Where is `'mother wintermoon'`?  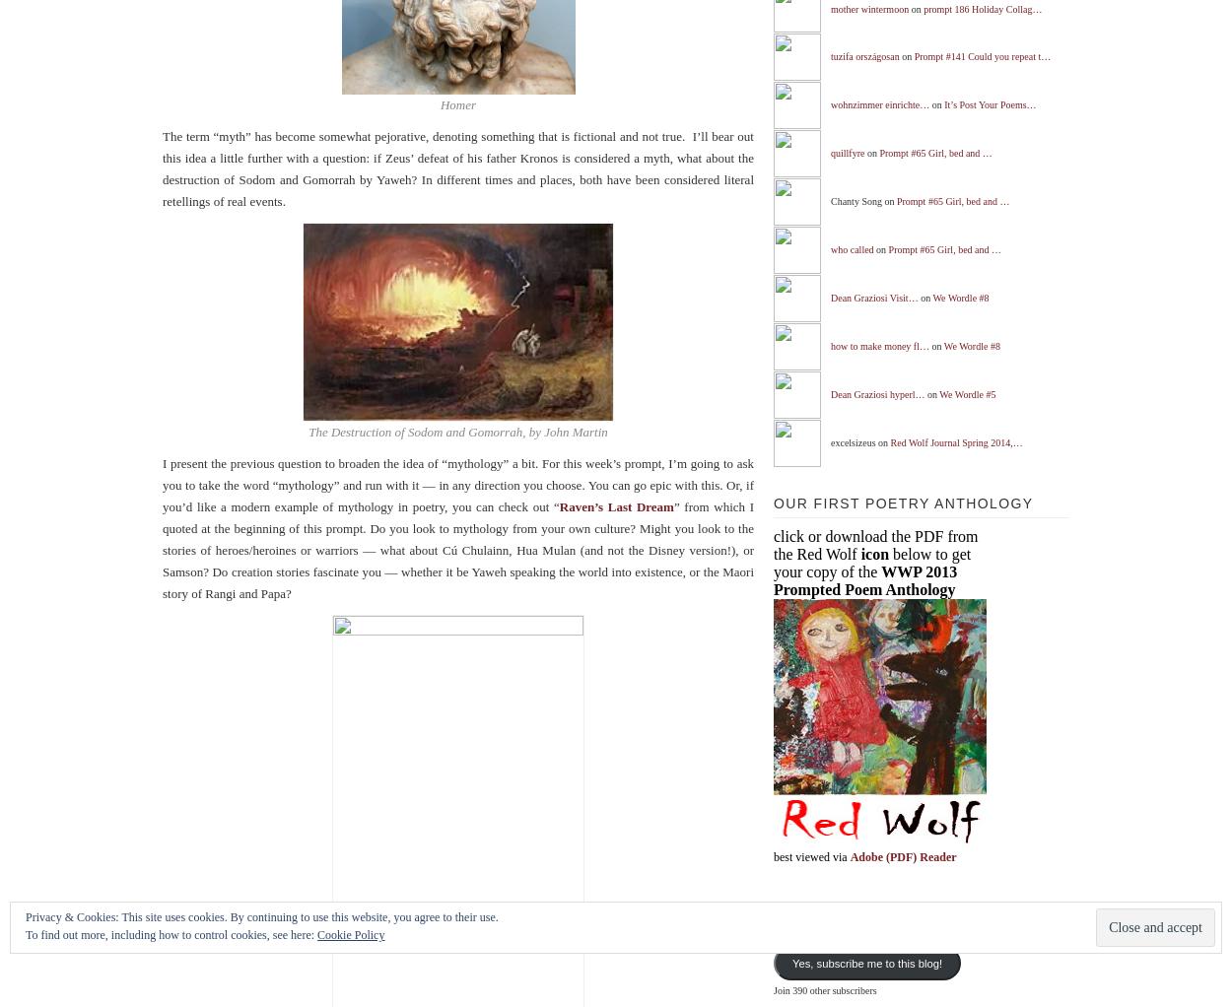 'mother wintermoon' is located at coordinates (869, 7).